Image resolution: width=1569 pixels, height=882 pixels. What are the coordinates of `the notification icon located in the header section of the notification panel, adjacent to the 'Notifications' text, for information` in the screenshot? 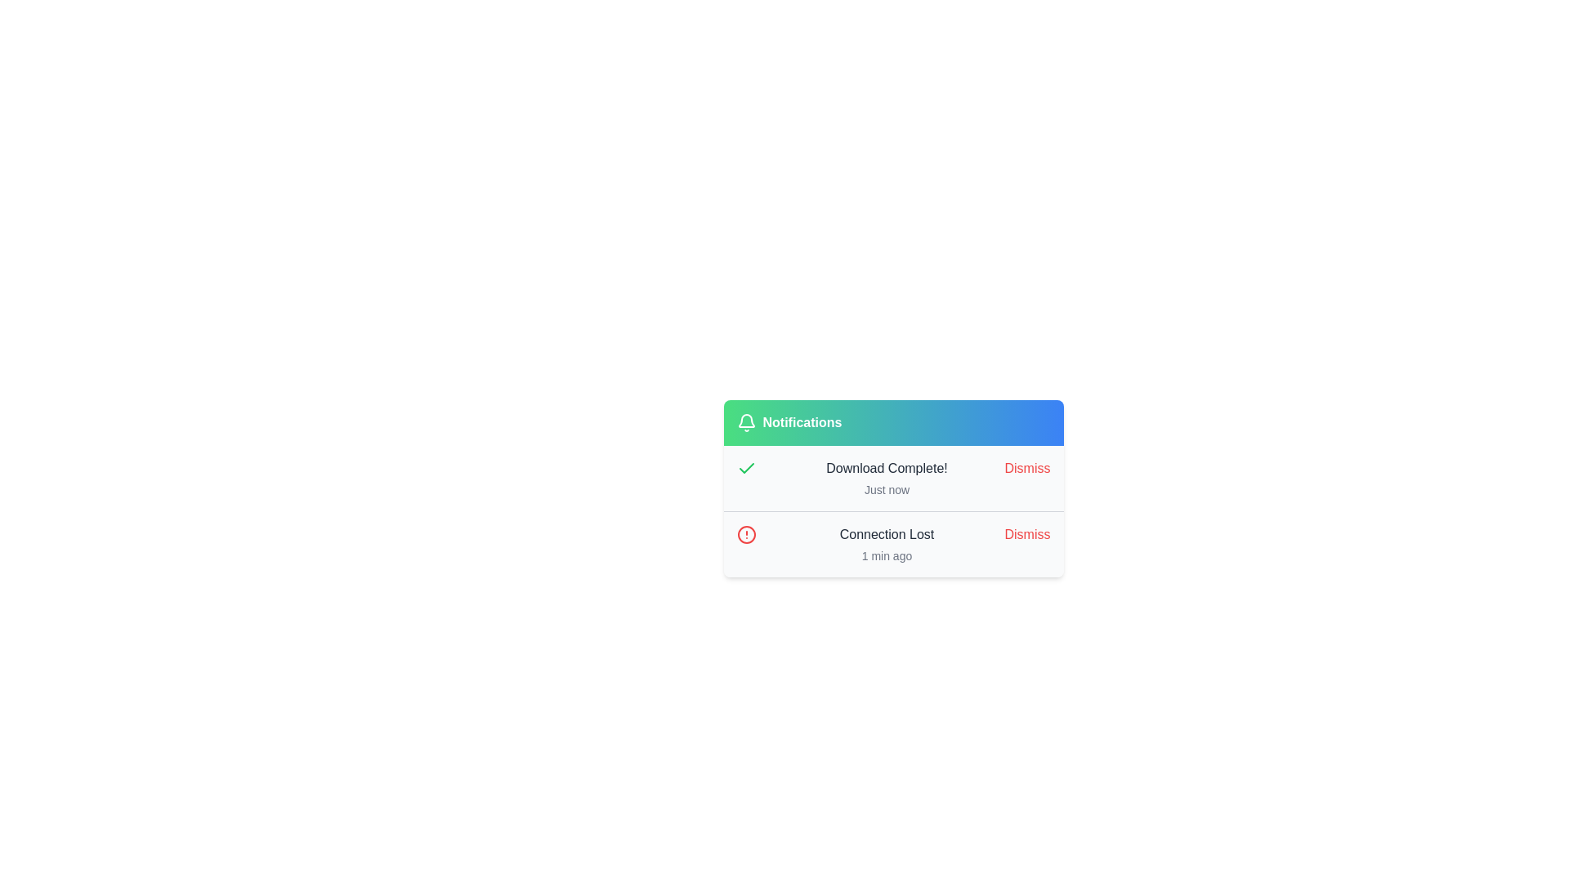 It's located at (745, 421).